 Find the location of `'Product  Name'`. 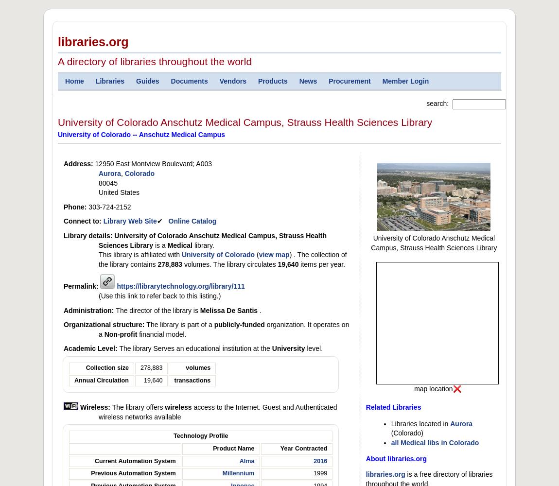

'Product  Name' is located at coordinates (233, 448).